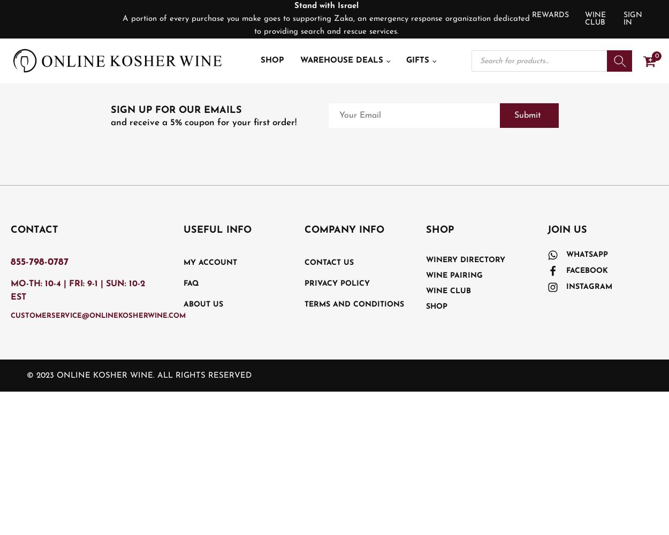  Describe the element at coordinates (210, 262) in the screenshot. I see `'My account'` at that location.